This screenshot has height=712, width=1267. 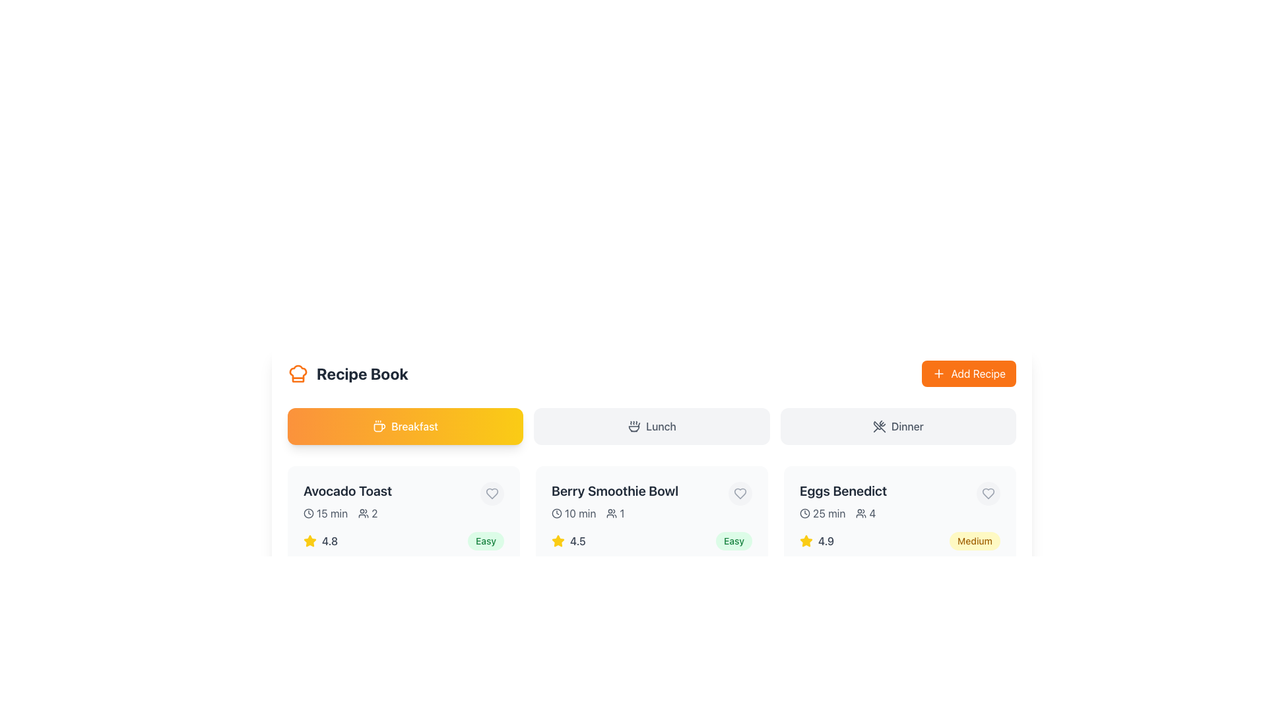 I want to click on the coffee cup icon on the 'Breakfast' button, so click(x=379, y=427).